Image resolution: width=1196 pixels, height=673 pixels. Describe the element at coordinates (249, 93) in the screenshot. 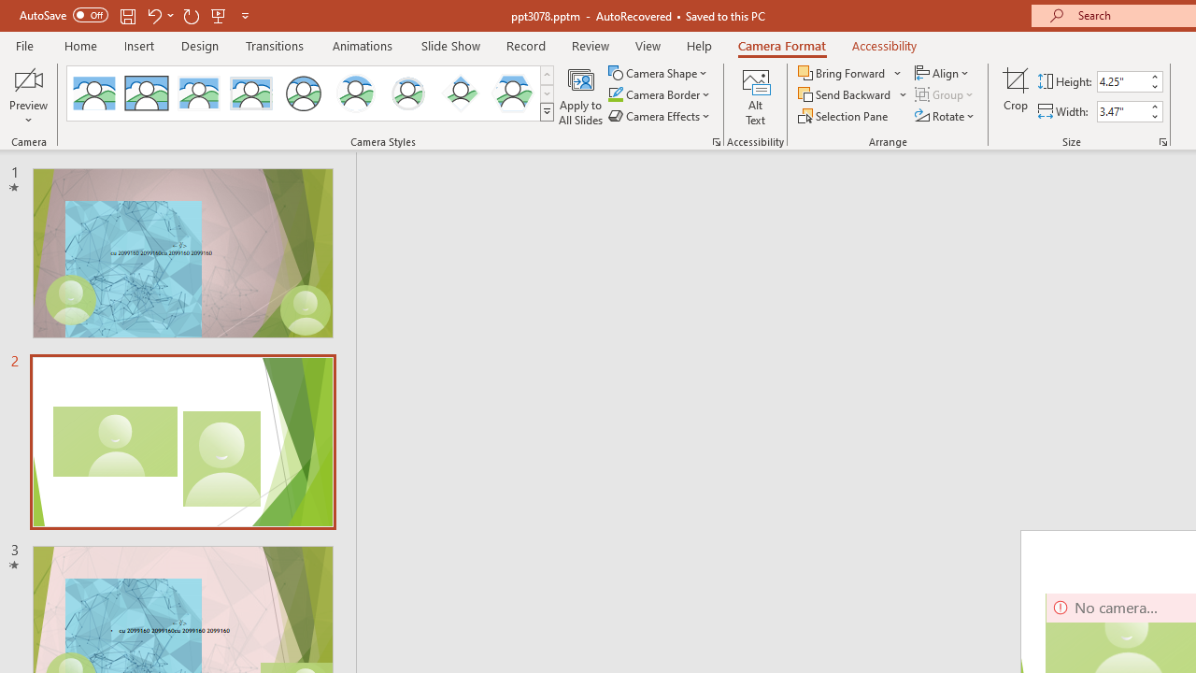

I see `'Soft Edge Rectangle'` at that location.